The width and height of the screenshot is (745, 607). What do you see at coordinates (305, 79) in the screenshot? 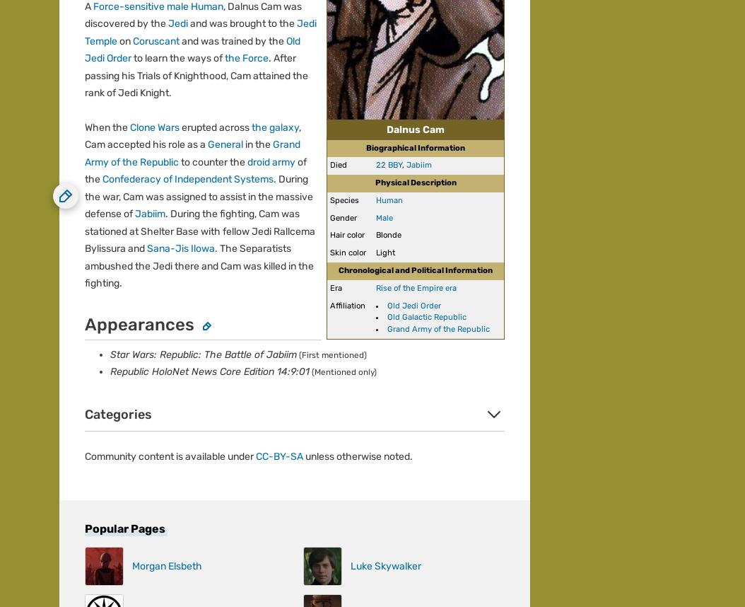
I see `'Help'` at bounding box center [305, 79].